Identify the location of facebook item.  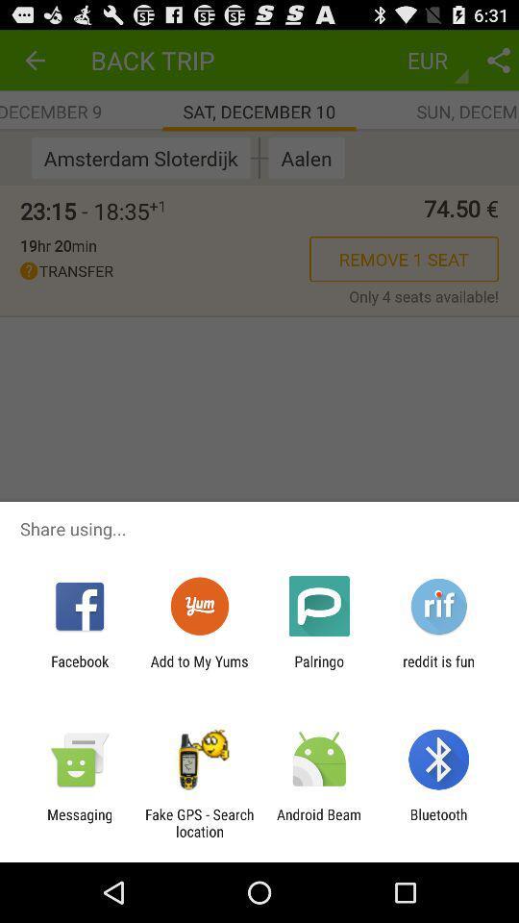
(79, 669).